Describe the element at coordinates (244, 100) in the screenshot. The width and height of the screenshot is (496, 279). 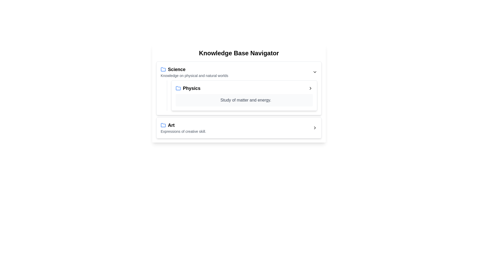
I see `the description text element in the 'Physics' section that provides a summary of the topics covered under this category, located below the title 'Physics' and adjacent to a folder icon and chevron` at that location.